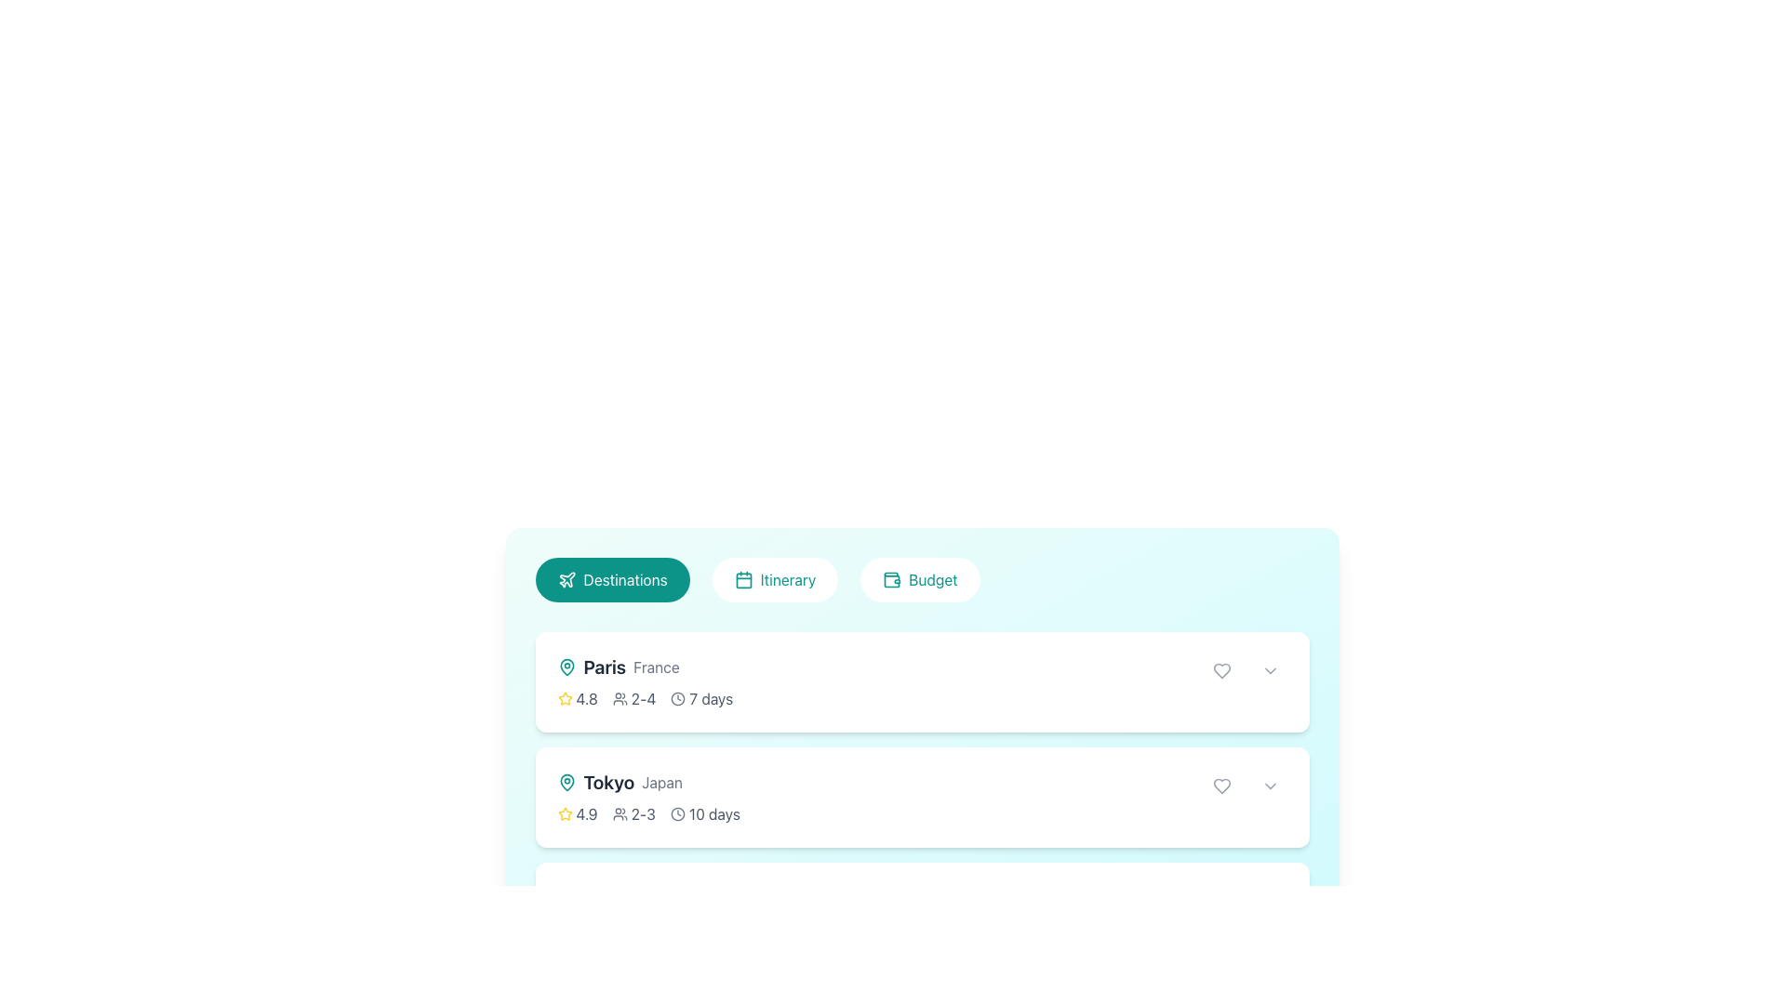 Image resolution: width=1786 pixels, height=1004 pixels. I want to click on the circular dark gray clock icon located to the left of the text '10 days' associated with the travel destination 'Tokyo, Japan', so click(676, 812).